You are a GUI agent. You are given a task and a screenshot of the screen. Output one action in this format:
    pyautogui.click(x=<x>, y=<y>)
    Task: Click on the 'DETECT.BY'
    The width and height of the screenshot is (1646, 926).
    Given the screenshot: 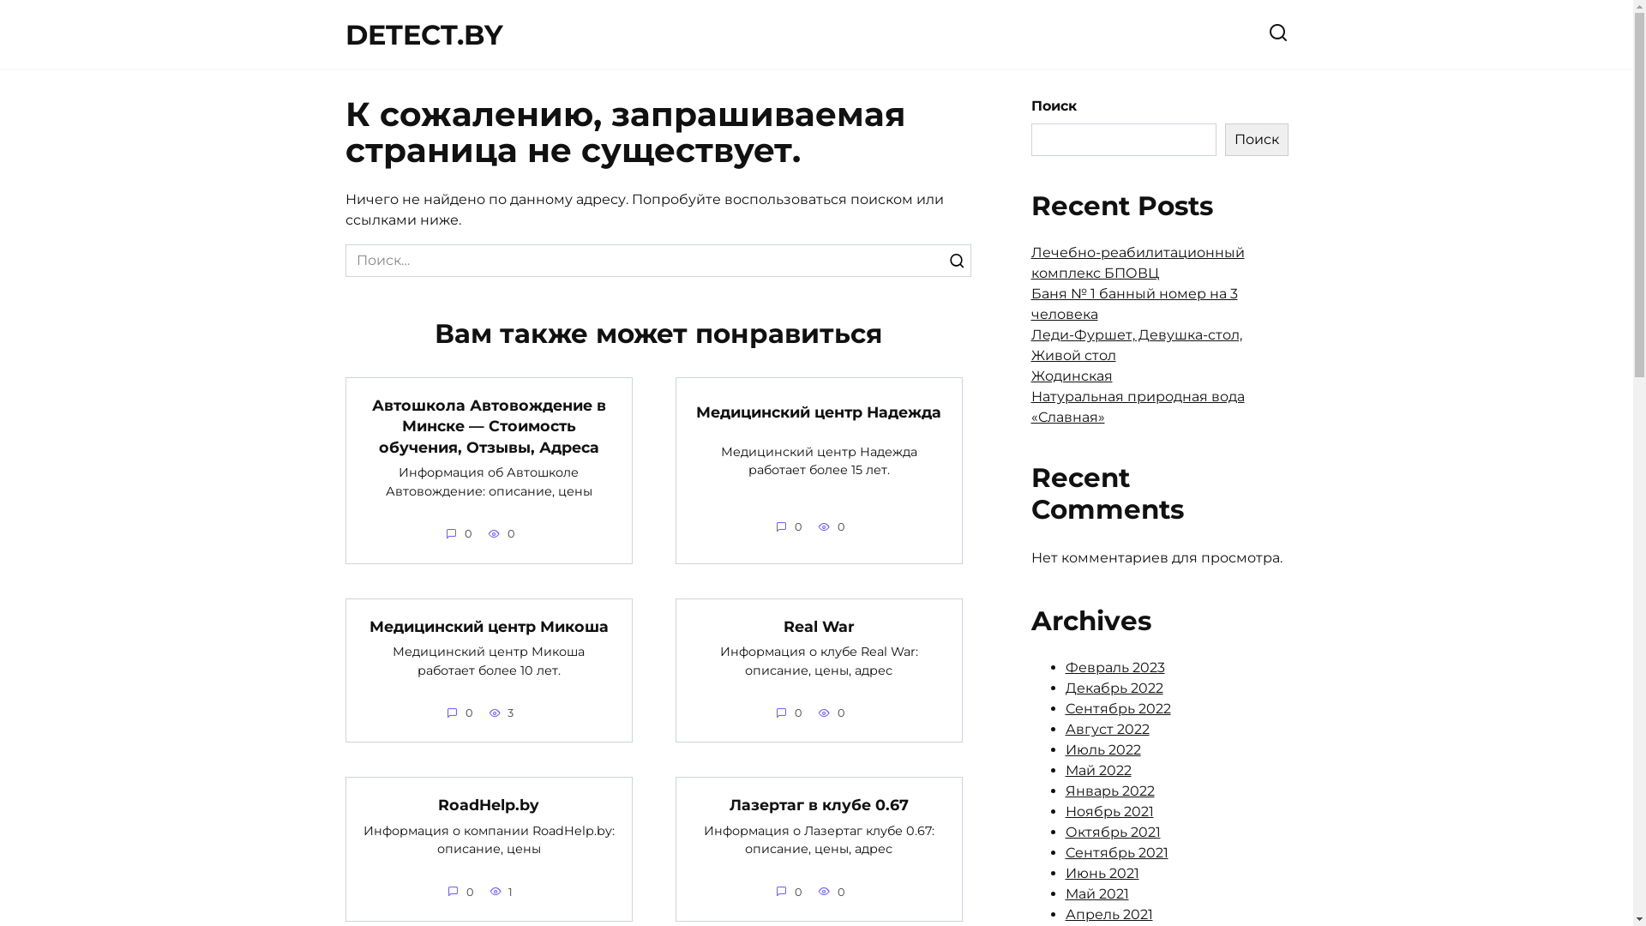 What is the action you would take?
    pyautogui.click(x=424, y=34)
    